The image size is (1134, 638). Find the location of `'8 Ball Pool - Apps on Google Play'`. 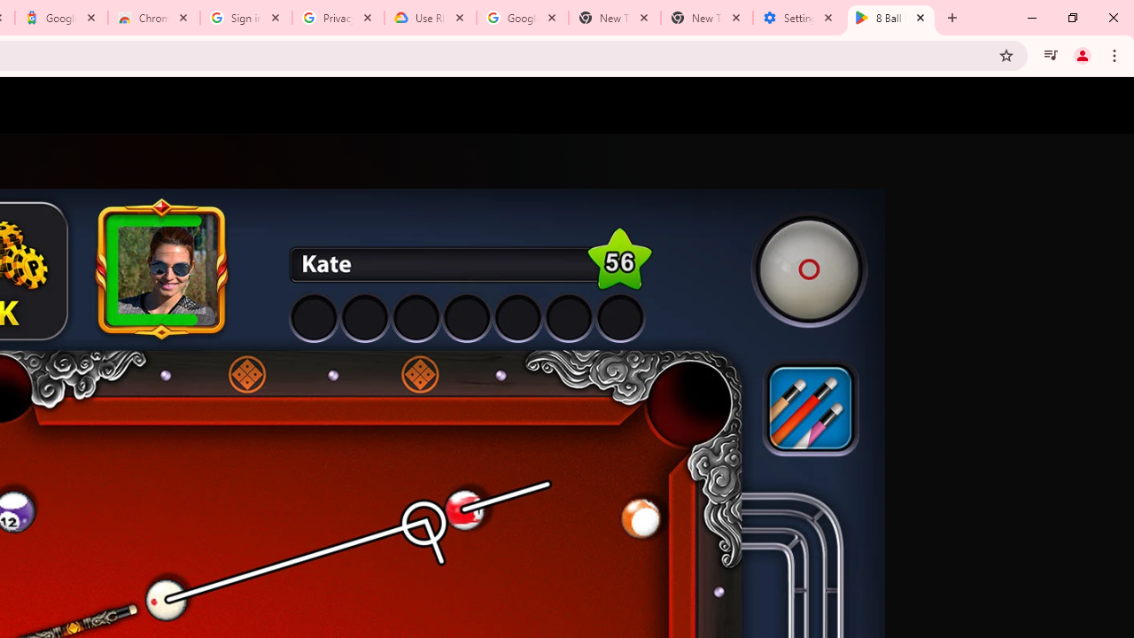

'8 Ball Pool - Apps on Google Play' is located at coordinates (891, 18).